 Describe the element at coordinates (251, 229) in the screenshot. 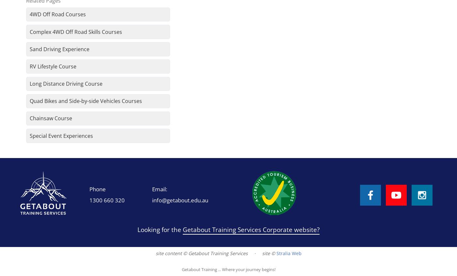

I see `'Getabout Training Services Corporate website?'` at that location.